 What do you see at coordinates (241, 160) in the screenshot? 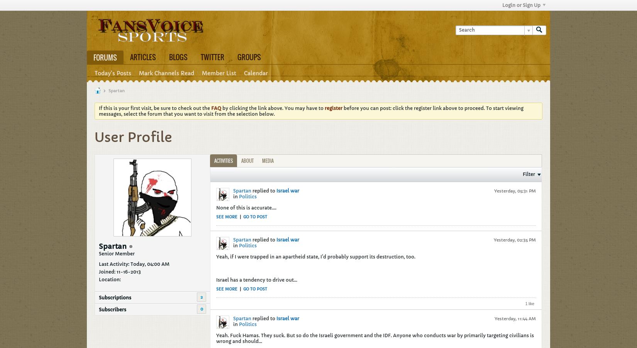
I see `'About'` at bounding box center [241, 160].